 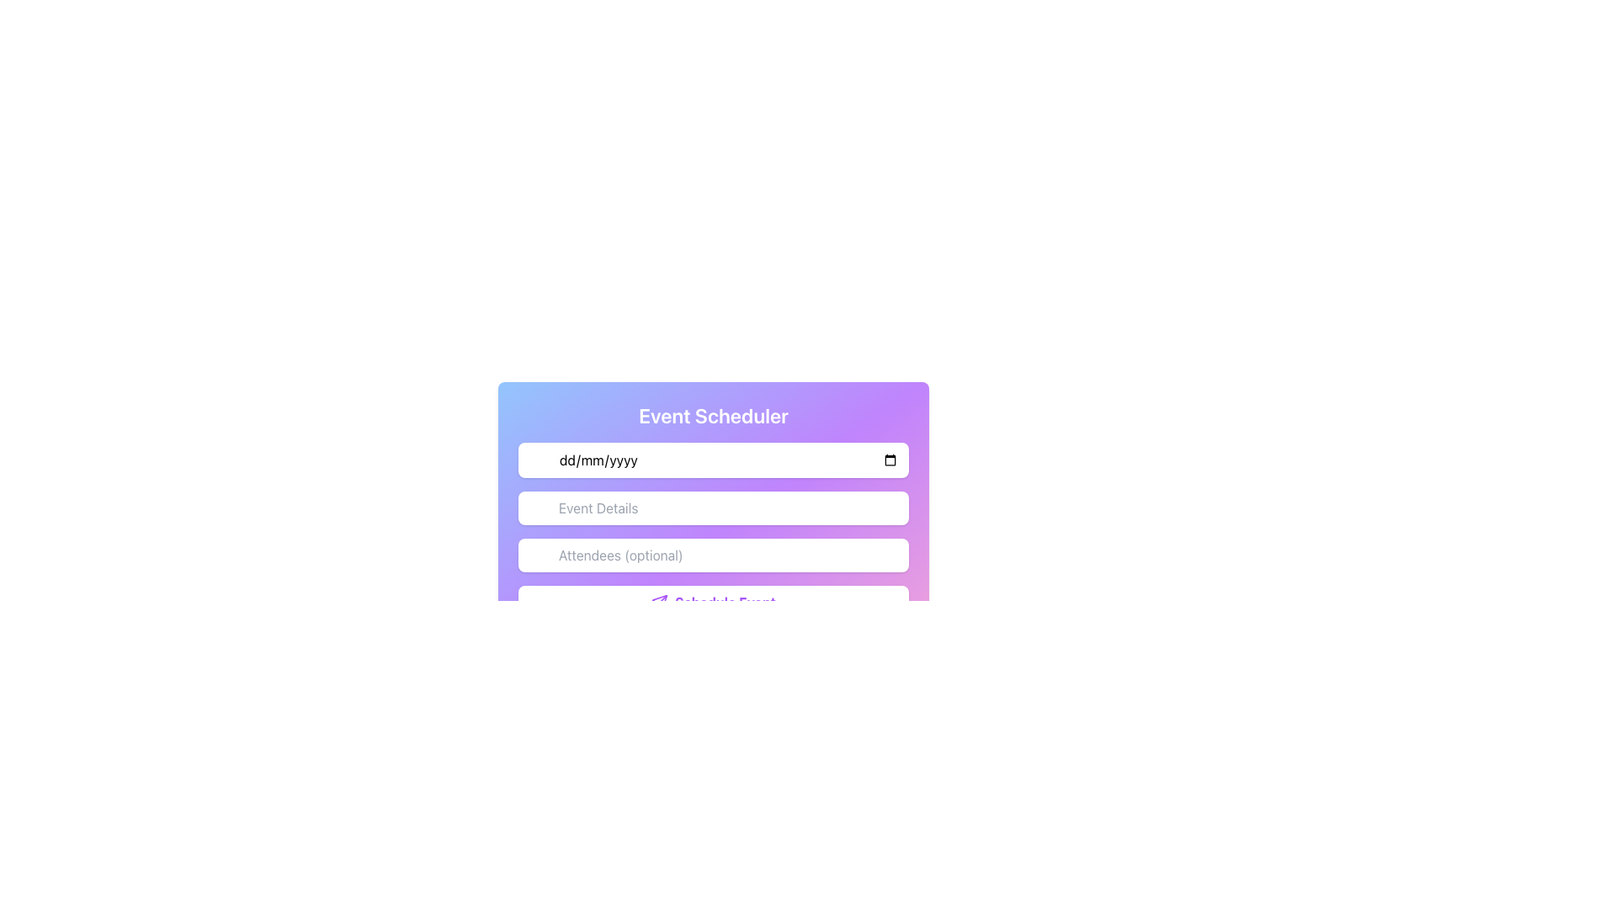 What do you see at coordinates (714, 531) in the screenshot?
I see `the text input field styled with a gradient background, located in the 'Event Scheduler' card, positioned between the date input and the optional attendees field` at bounding box center [714, 531].